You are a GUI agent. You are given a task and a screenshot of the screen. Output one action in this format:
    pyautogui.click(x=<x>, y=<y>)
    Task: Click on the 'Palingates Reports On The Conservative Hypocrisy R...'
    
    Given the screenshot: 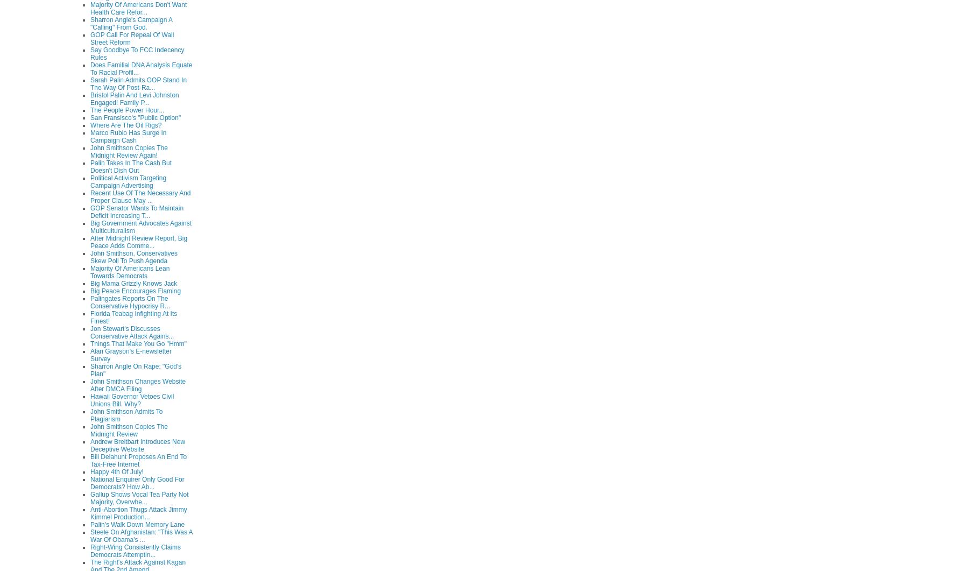 What is the action you would take?
    pyautogui.click(x=130, y=301)
    